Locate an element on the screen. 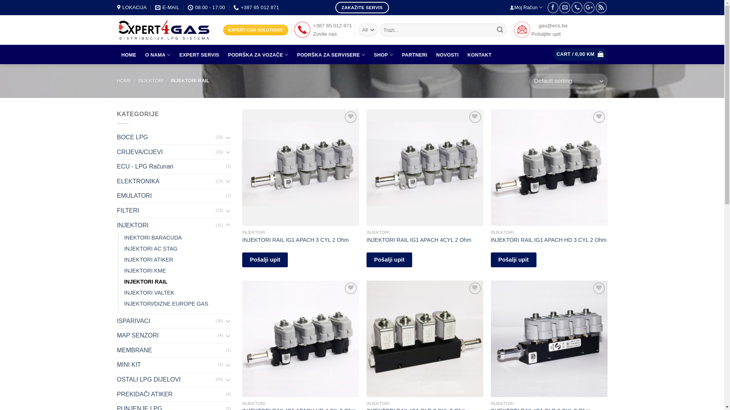 Image resolution: width=730 pixels, height=410 pixels. '08:00 - 17:00' is located at coordinates (206, 7).